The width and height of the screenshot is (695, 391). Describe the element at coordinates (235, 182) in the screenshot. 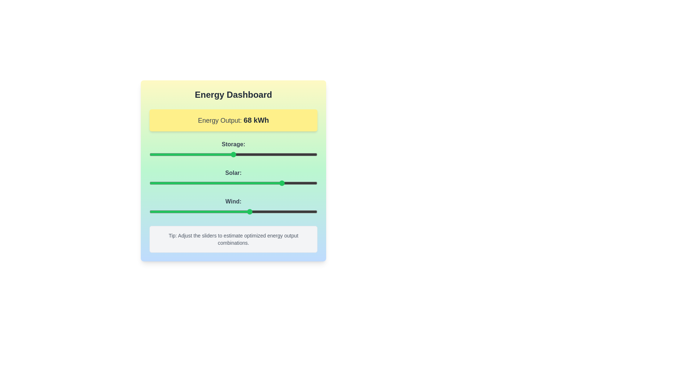

I see `the 'Solar' slider to 51%` at that location.